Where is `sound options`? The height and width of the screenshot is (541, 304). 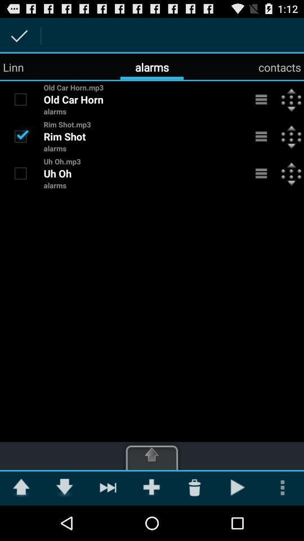
sound options is located at coordinates (261, 99).